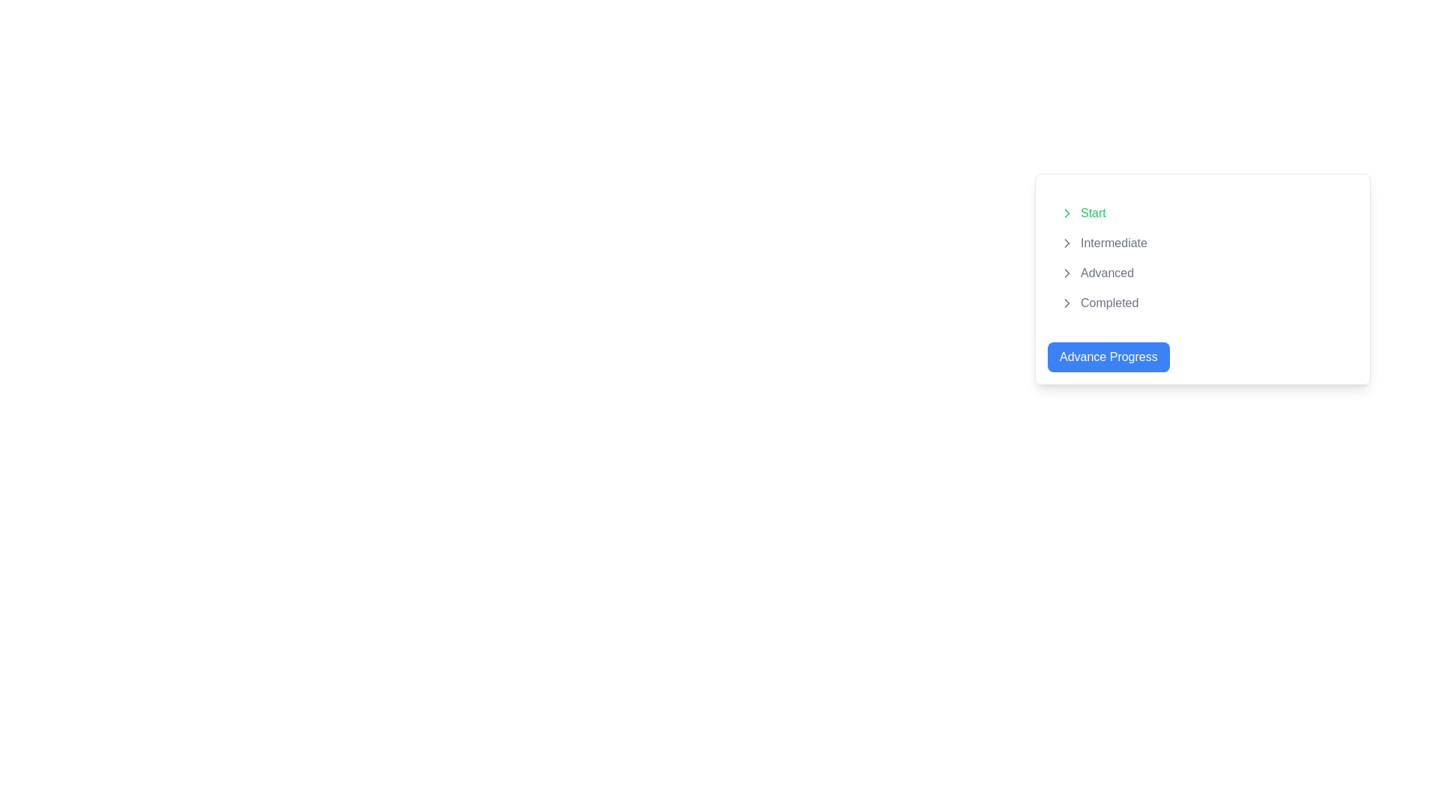 The width and height of the screenshot is (1439, 809). What do you see at coordinates (1114, 242) in the screenshot?
I see `the 'Intermediate' step label within the progress tracker interface, which is the second step in the vertical list of indicators` at bounding box center [1114, 242].